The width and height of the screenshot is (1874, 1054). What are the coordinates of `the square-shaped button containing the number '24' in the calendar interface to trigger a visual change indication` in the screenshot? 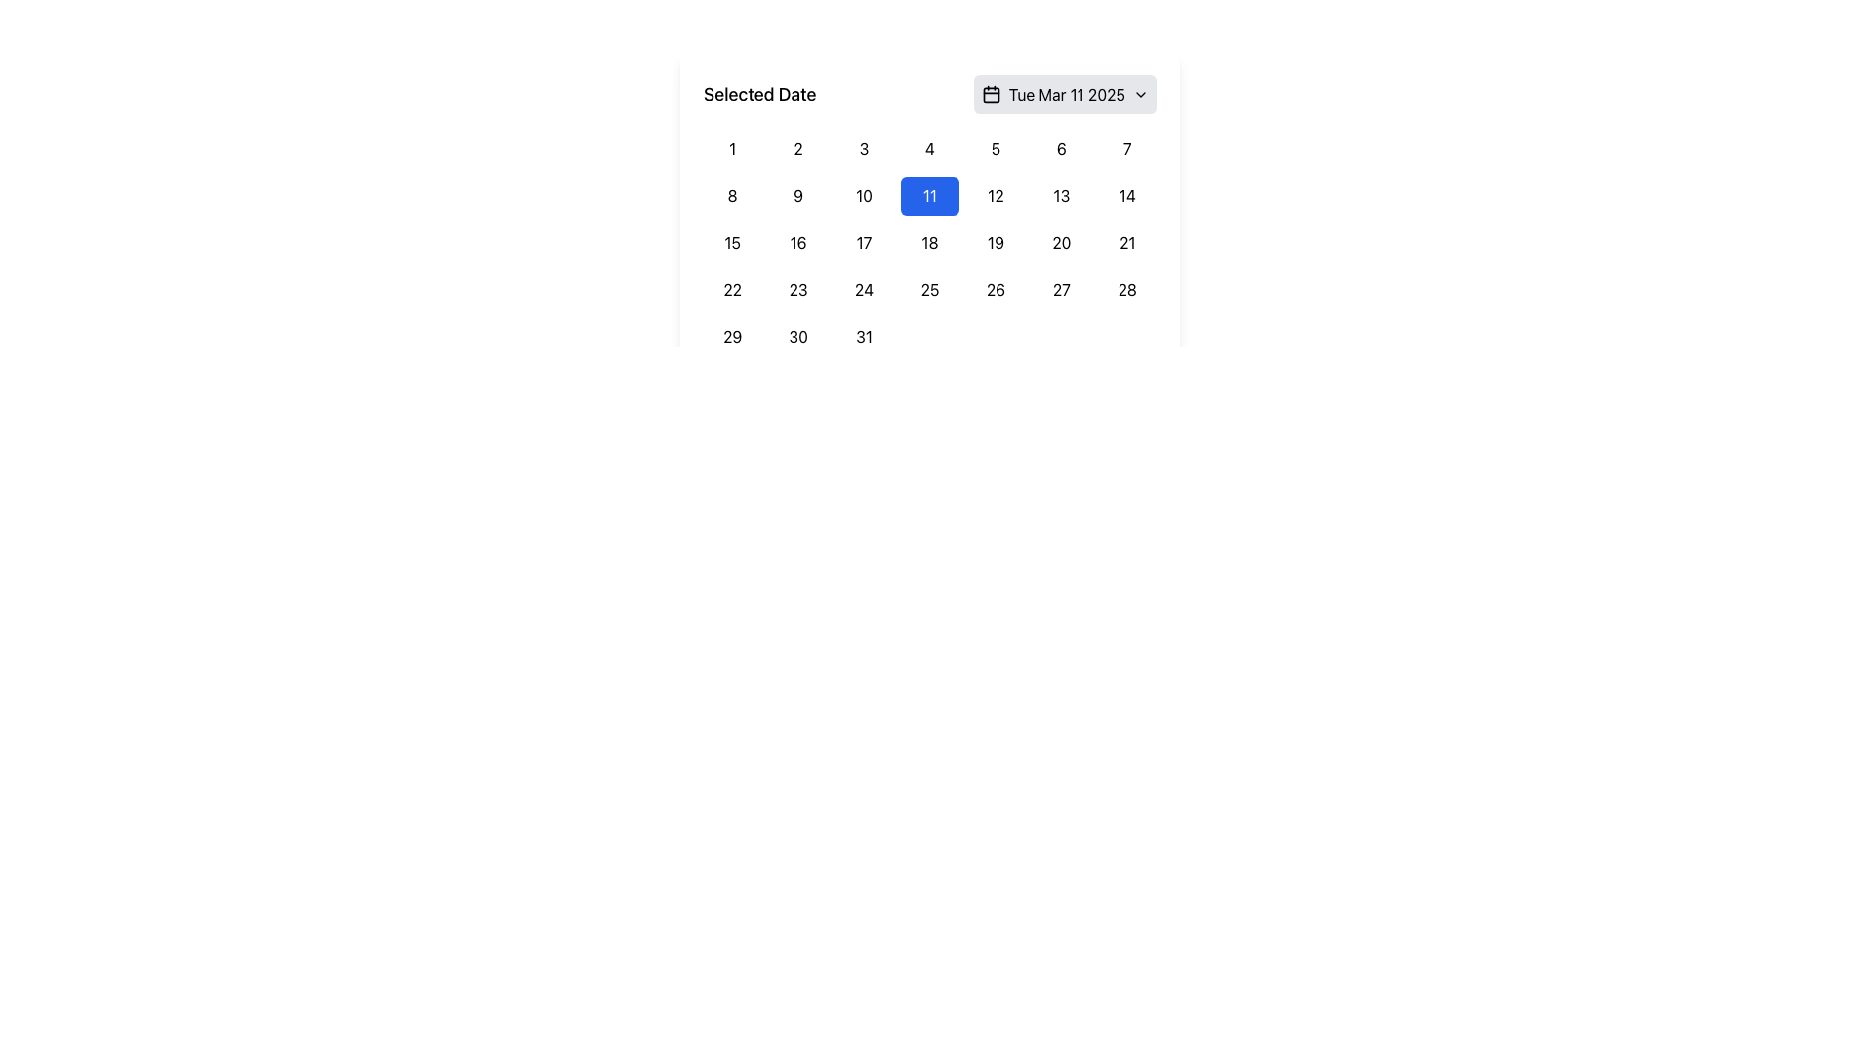 It's located at (863, 290).